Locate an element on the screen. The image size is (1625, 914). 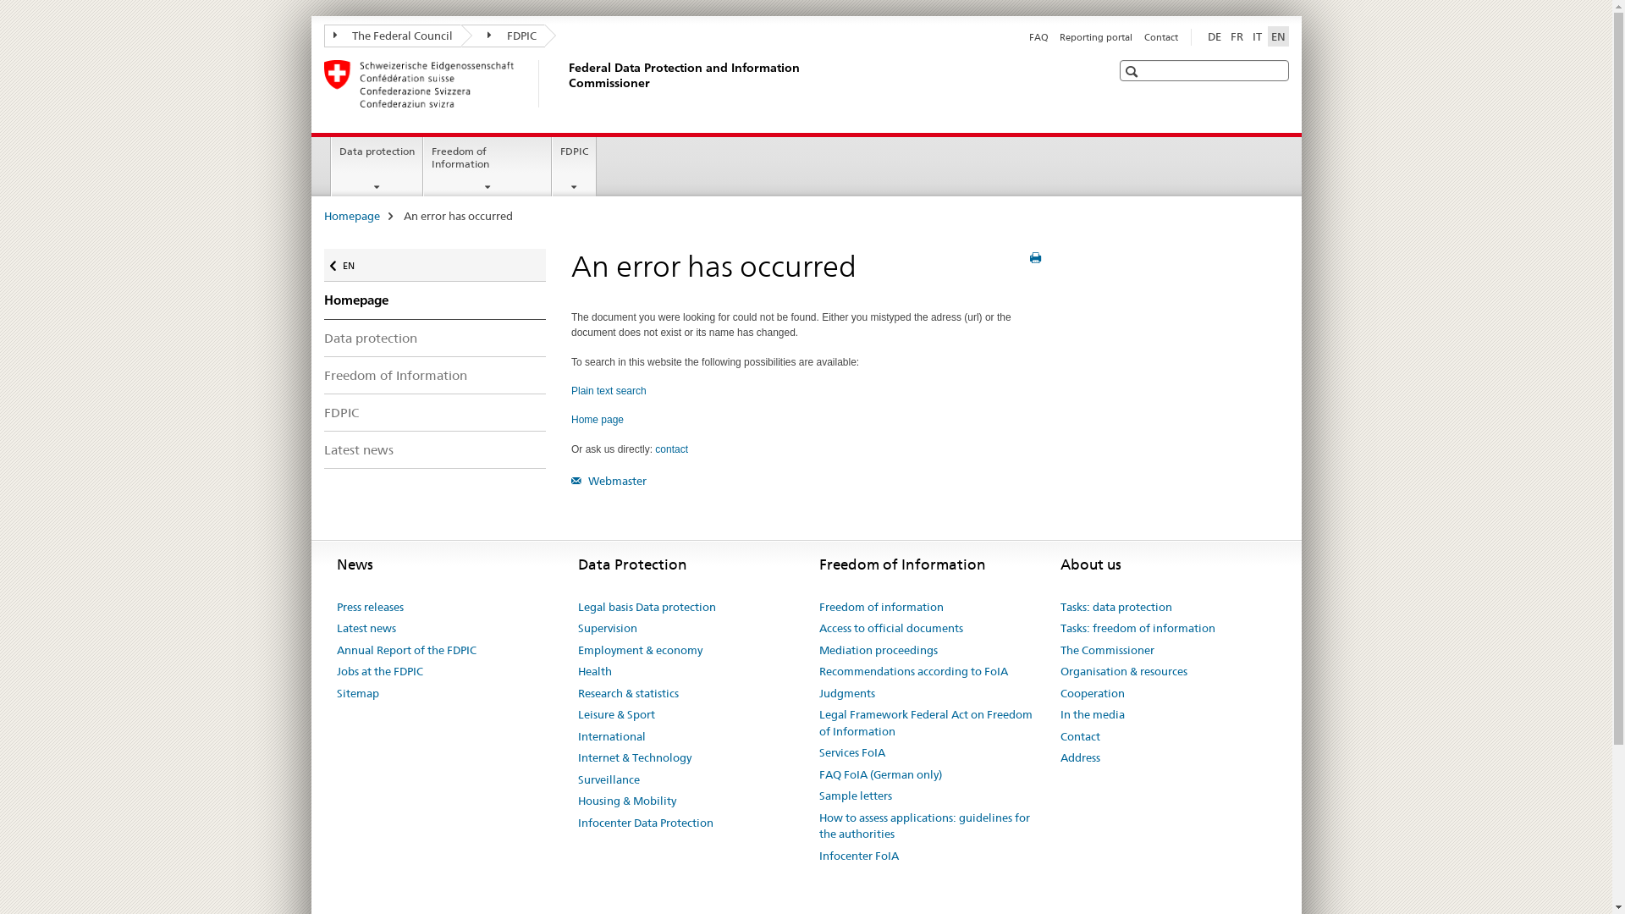
'FAQ FoIA (German only)' is located at coordinates (880, 774).